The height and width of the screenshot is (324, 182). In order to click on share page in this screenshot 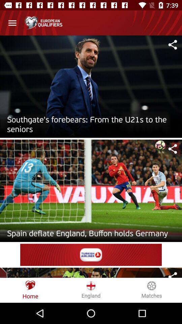, I will do `click(173, 44)`.